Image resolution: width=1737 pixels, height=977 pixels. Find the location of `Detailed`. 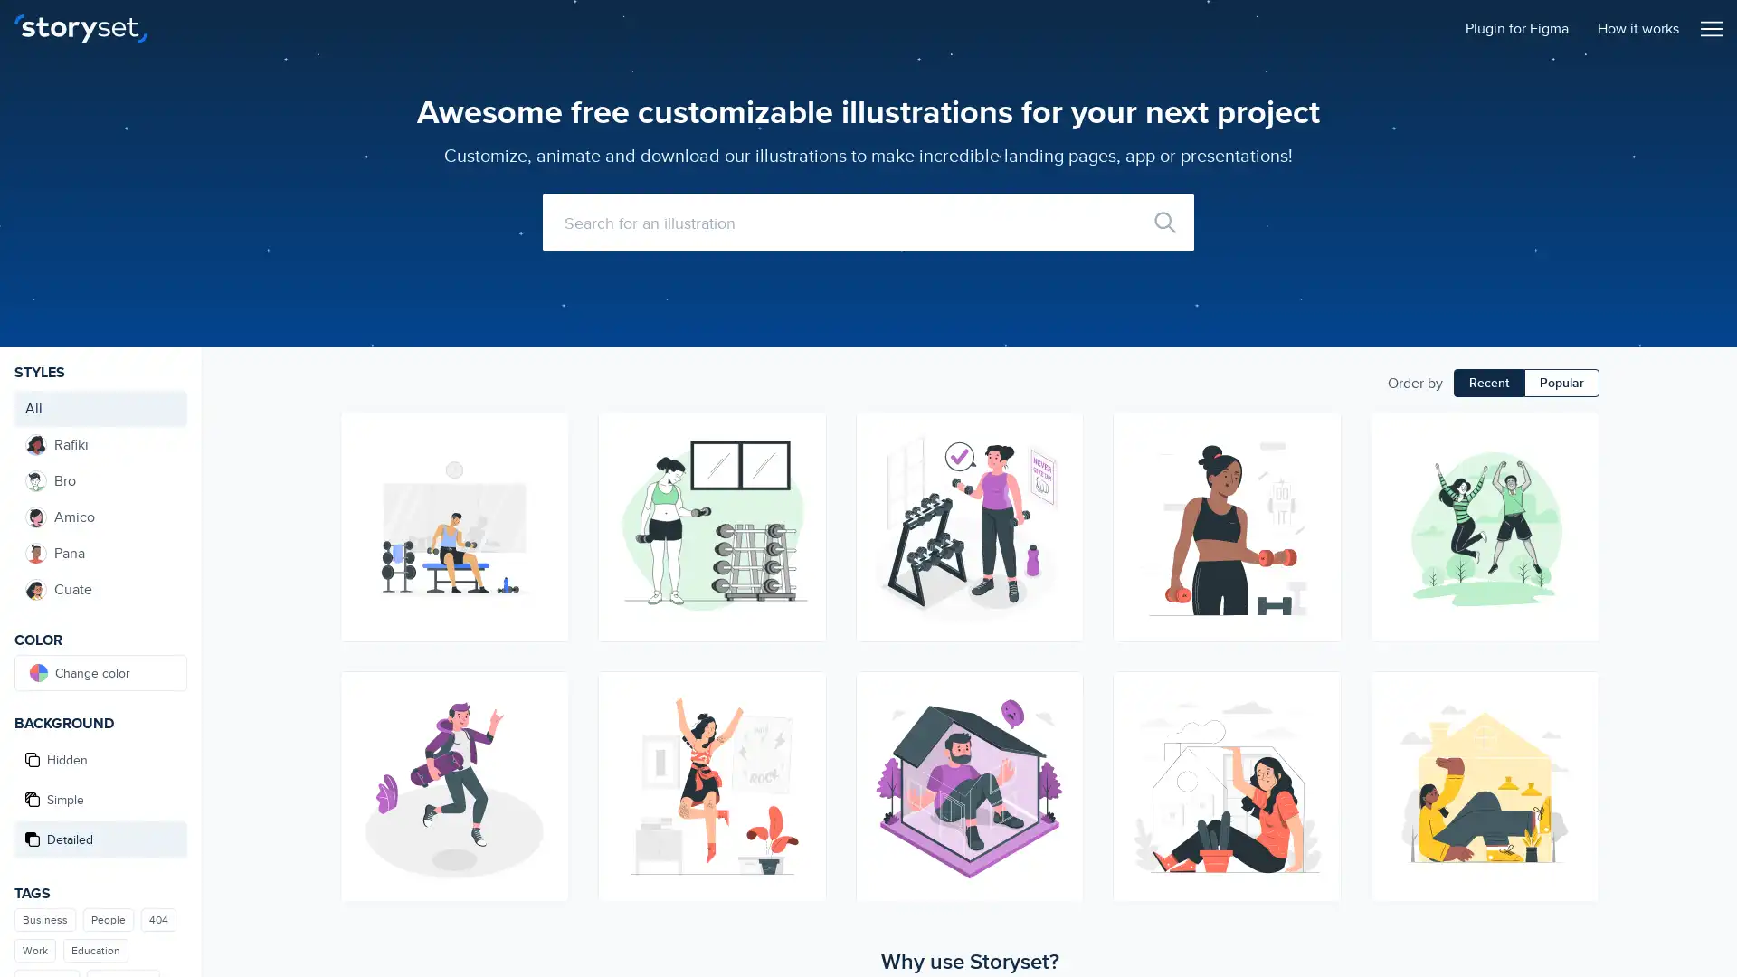

Detailed is located at coordinates (100, 839).